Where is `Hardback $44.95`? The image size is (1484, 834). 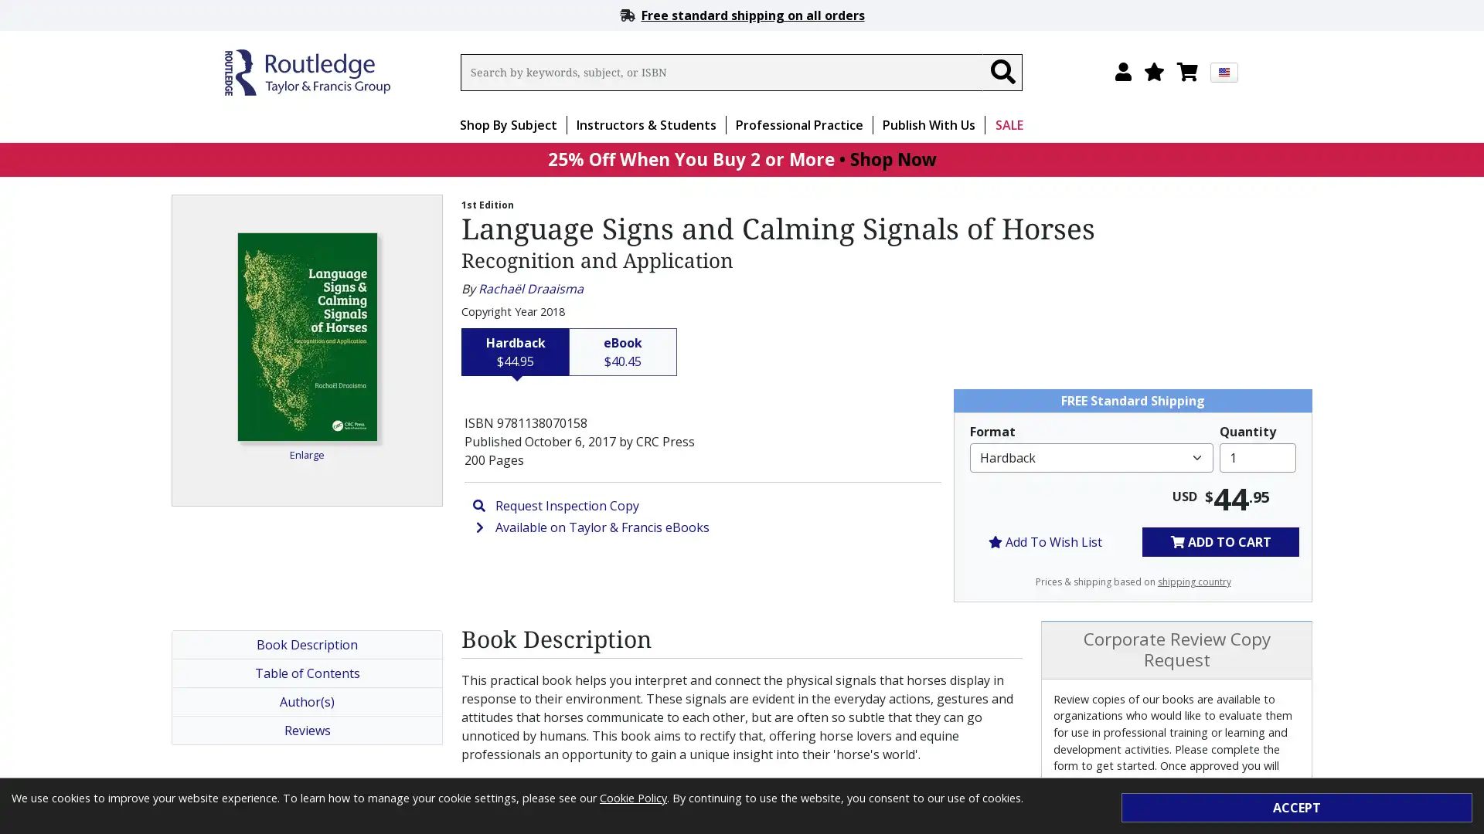
Hardback $44.95 is located at coordinates (516, 351).